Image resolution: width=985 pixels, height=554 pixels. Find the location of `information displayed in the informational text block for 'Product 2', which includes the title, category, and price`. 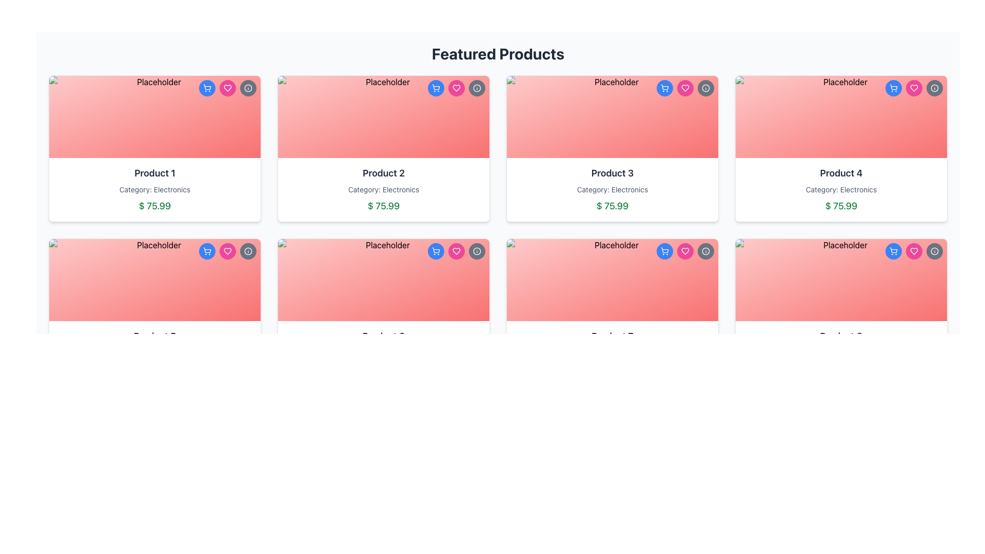

information displayed in the informational text block for 'Product 2', which includes the title, category, and price is located at coordinates (383, 190).